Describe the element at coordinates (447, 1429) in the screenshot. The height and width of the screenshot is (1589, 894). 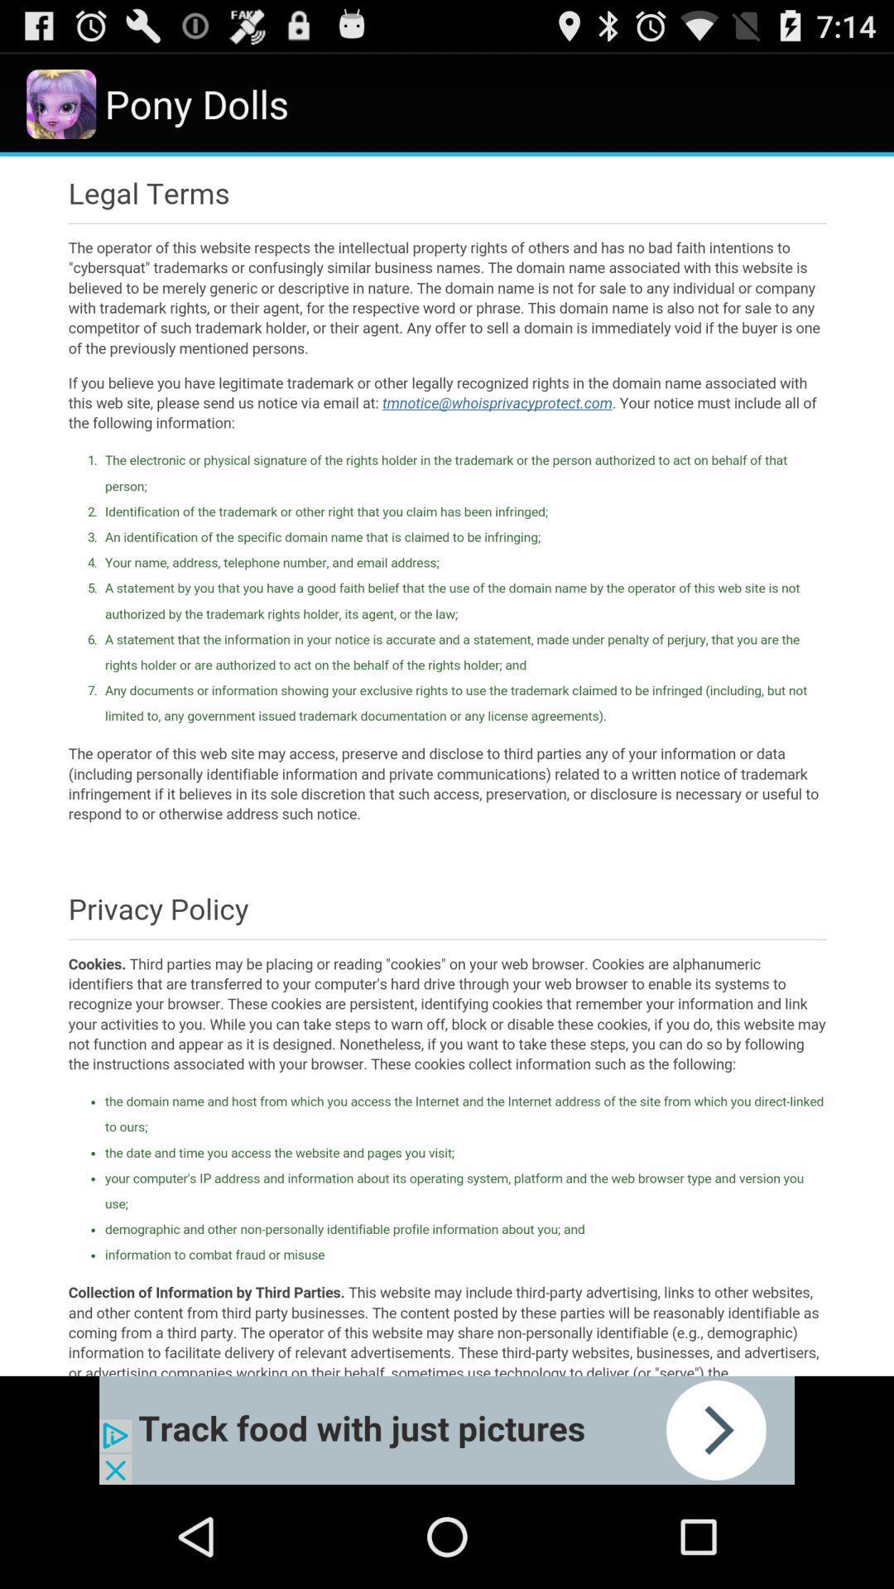
I see `advantisment` at that location.